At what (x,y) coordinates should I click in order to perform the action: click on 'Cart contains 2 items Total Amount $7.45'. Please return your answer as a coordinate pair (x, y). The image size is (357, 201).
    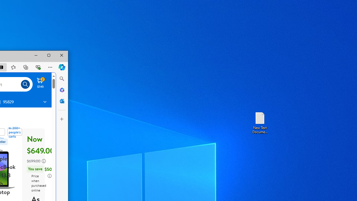
    Looking at the image, I should click on (40, 82).